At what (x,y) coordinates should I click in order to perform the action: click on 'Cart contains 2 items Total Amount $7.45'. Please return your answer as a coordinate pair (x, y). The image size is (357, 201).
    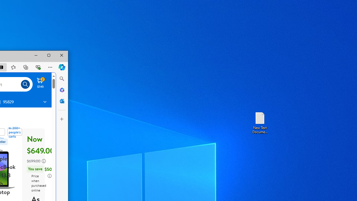
    Looking at the image, I should click on (40, 82).